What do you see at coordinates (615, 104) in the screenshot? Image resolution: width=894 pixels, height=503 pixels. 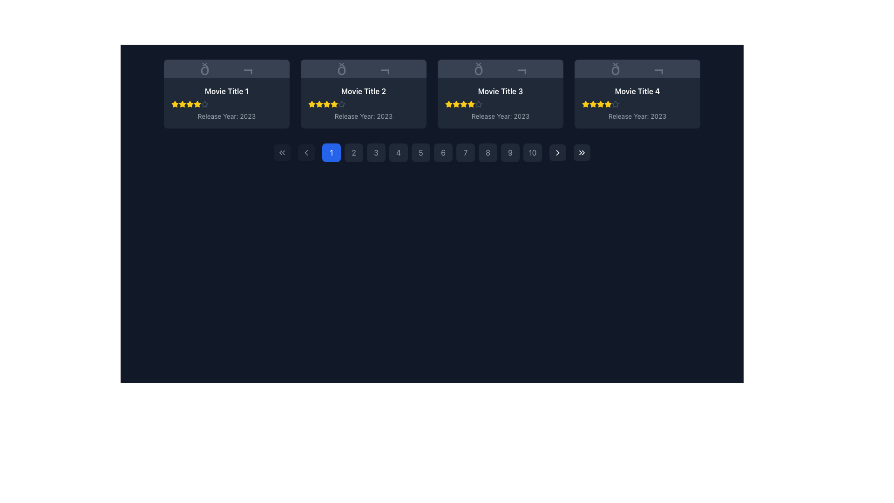 I see `the fifth star in the rating component for the 'Movie Title 4' card` at bounding box center [615, 104].